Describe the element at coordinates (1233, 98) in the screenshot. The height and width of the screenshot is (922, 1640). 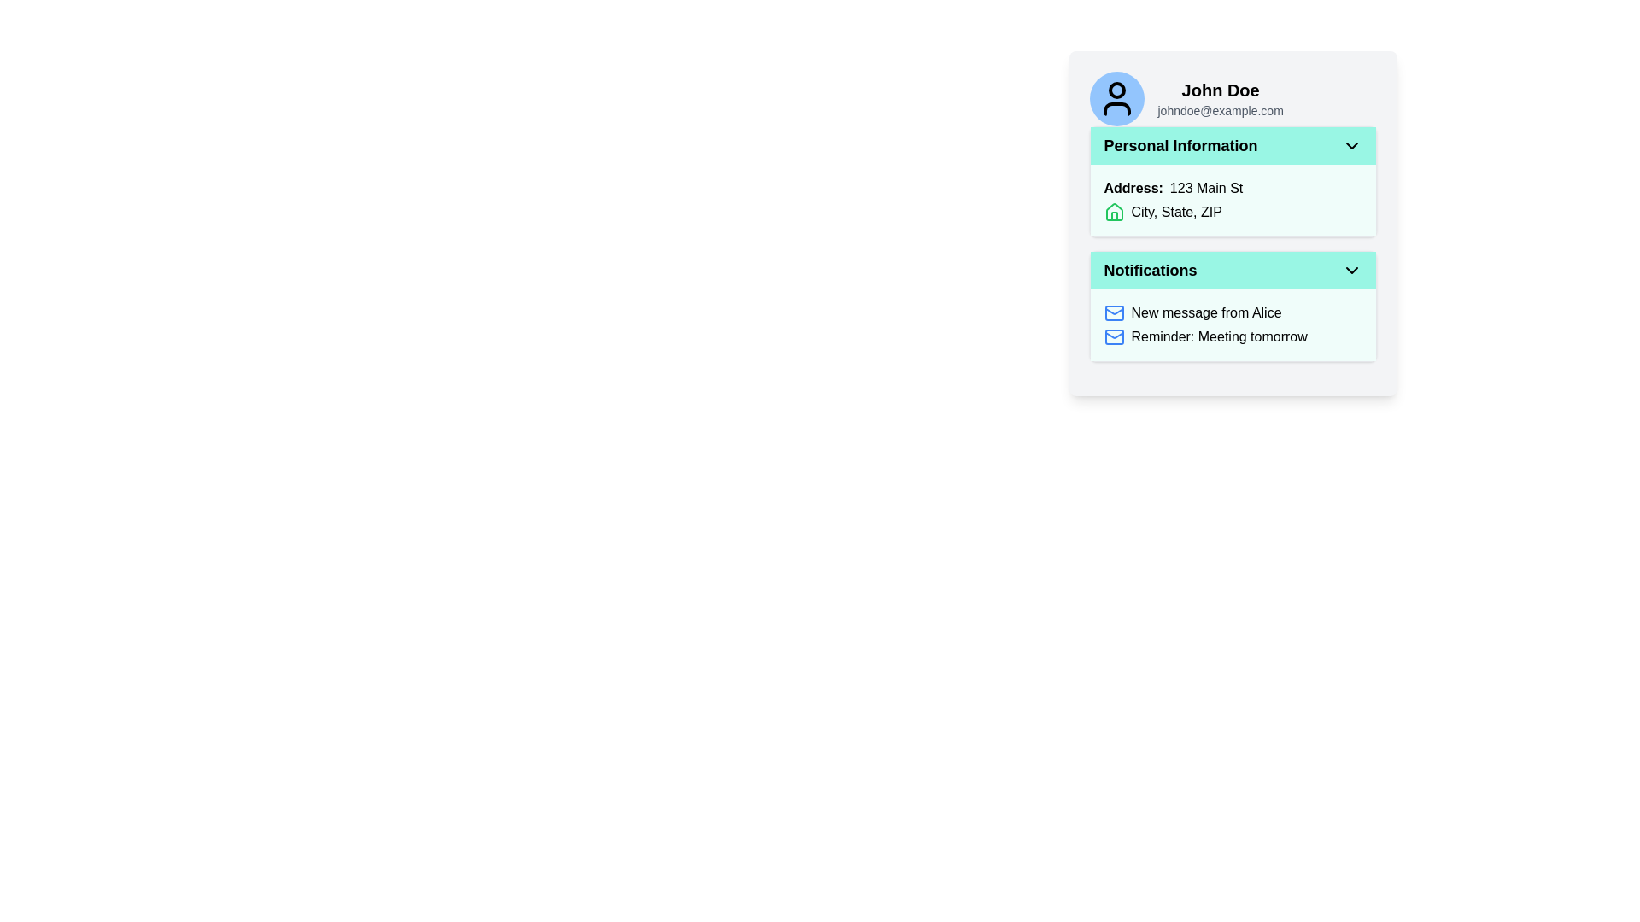
I see `displayed information from the user profile section, which includes the circular blue icon and the text 'John Doe' along with the email 'johndoe@example.com'` at that location.